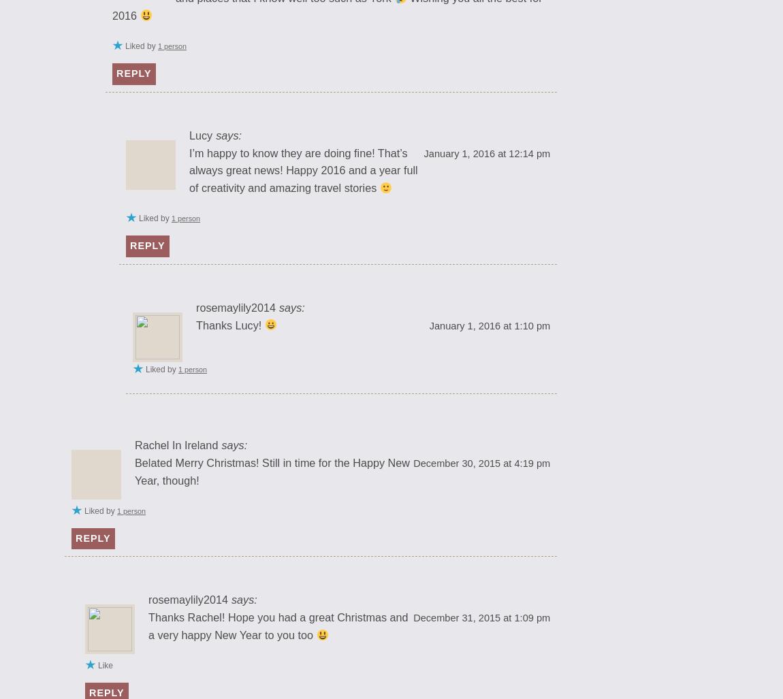  I want to click on 'January 1, 2016 at 12:14 pm', so click(485, 152).